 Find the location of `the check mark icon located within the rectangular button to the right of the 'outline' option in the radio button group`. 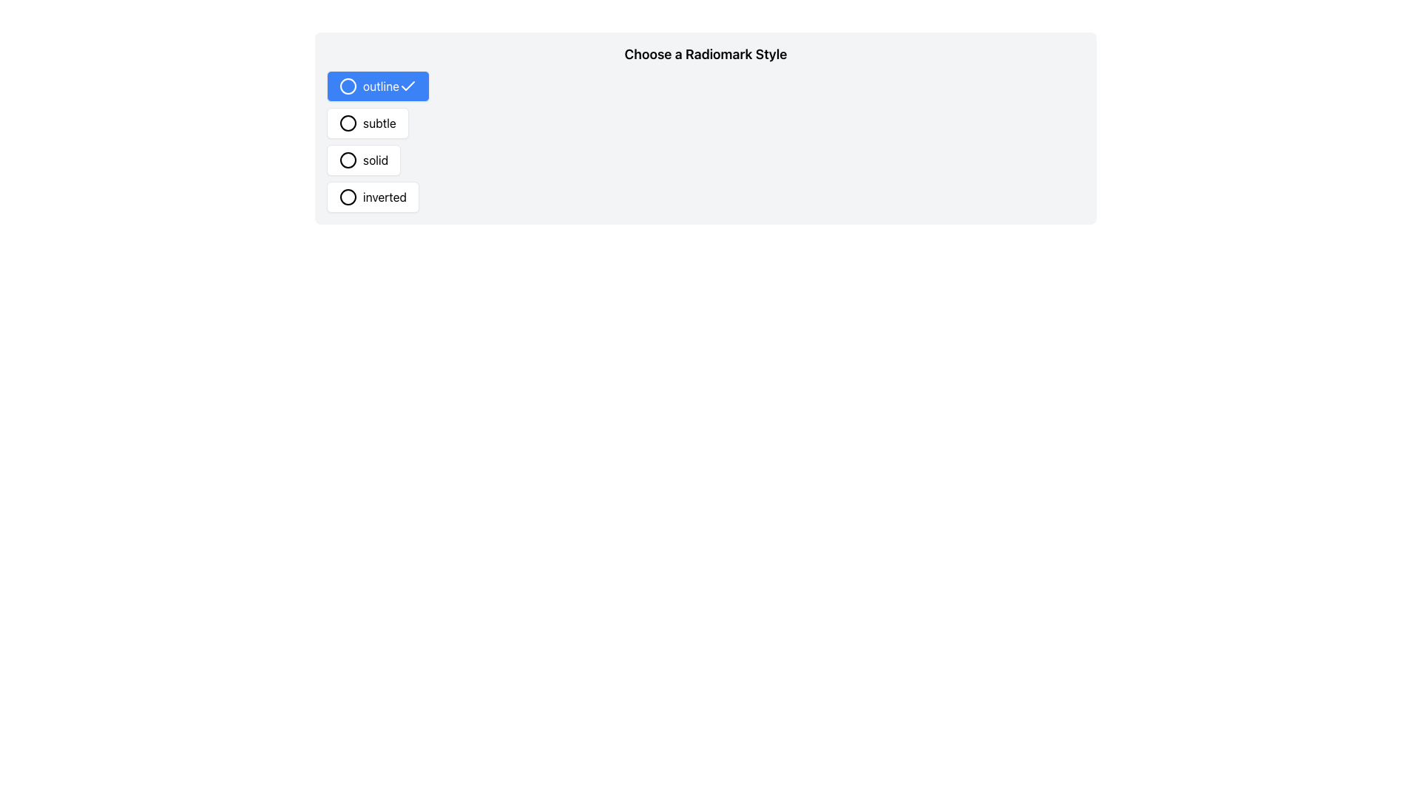

the check mark icon located within the rectangular button to the right of the 'outline' option in the radio button group is located at coordinates (408, 86).